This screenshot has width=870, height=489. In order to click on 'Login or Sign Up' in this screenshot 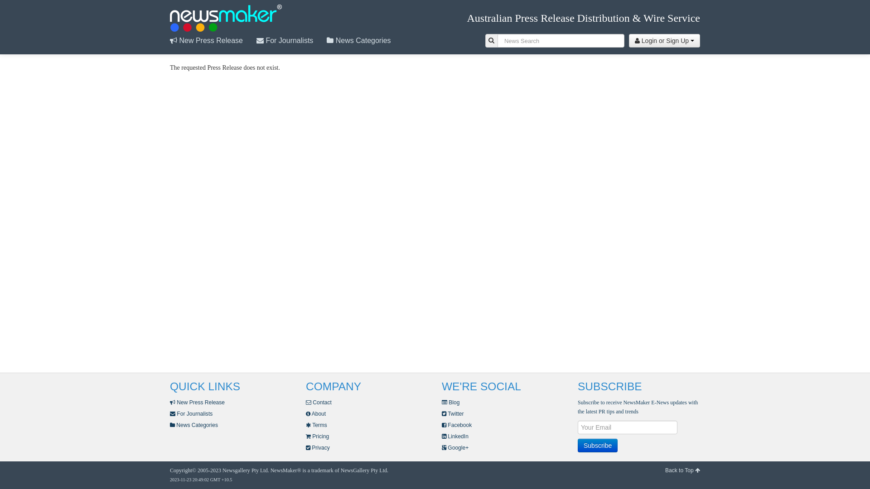, I will do `click(664, 40)`.